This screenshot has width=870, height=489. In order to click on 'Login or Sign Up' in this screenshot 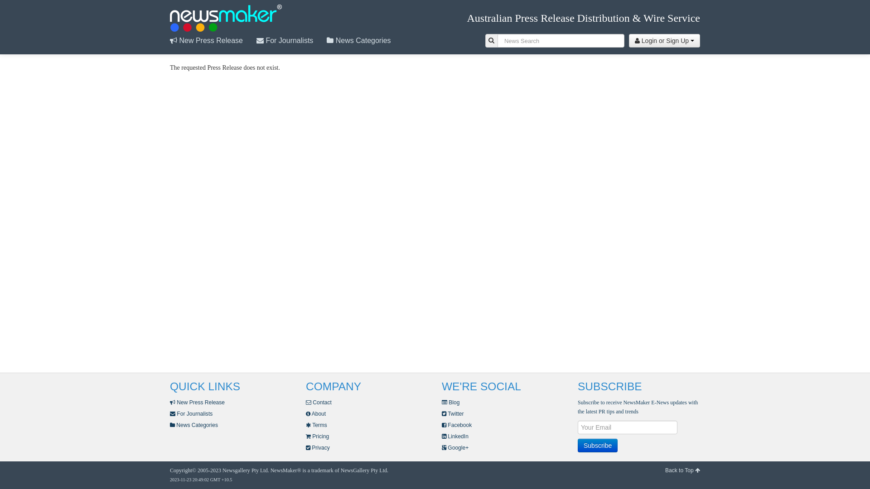, I will do `click(664, 40)`.